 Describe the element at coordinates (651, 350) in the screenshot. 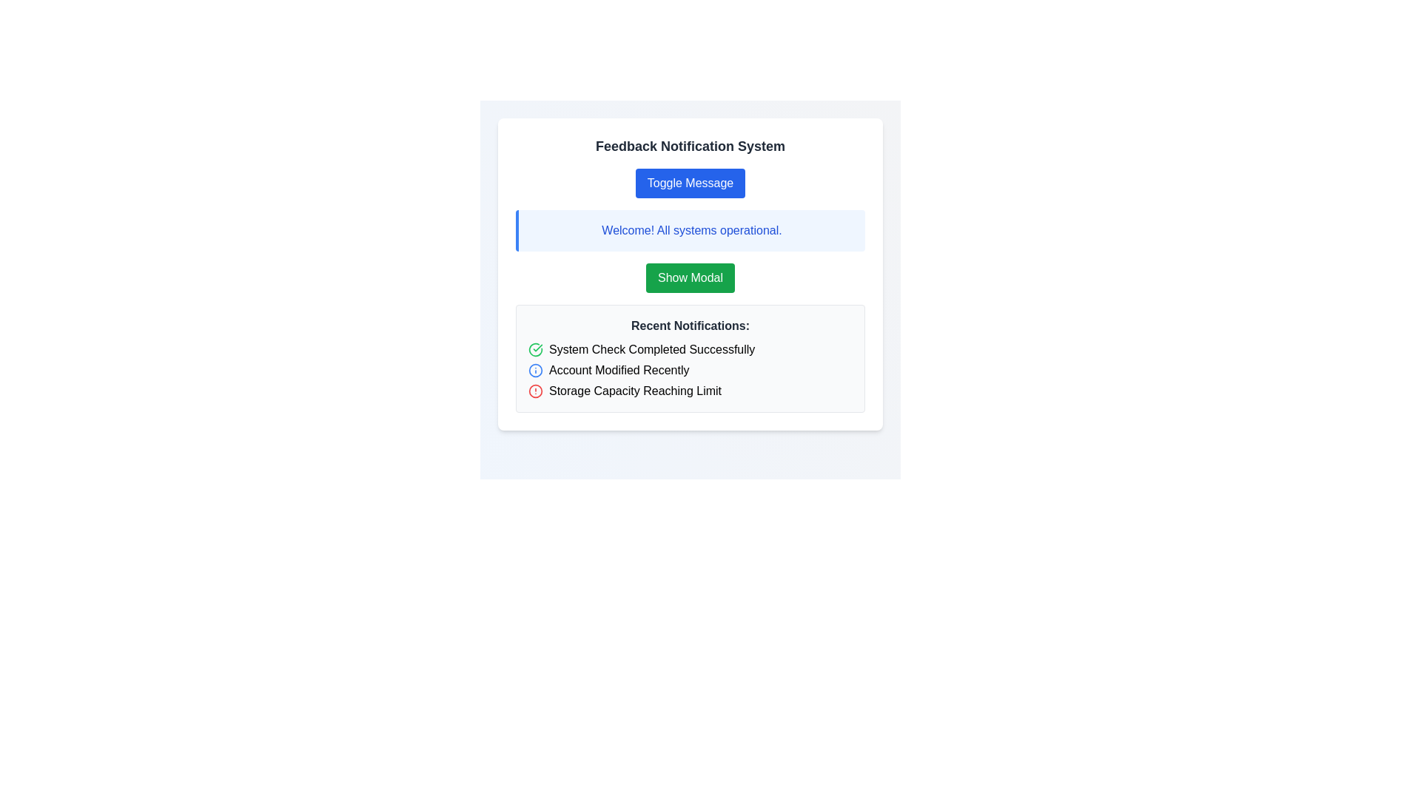

I see `the first notification item in the 'Recent Notifications:' section, which indicates that a system check has been completed successfully` at that location.